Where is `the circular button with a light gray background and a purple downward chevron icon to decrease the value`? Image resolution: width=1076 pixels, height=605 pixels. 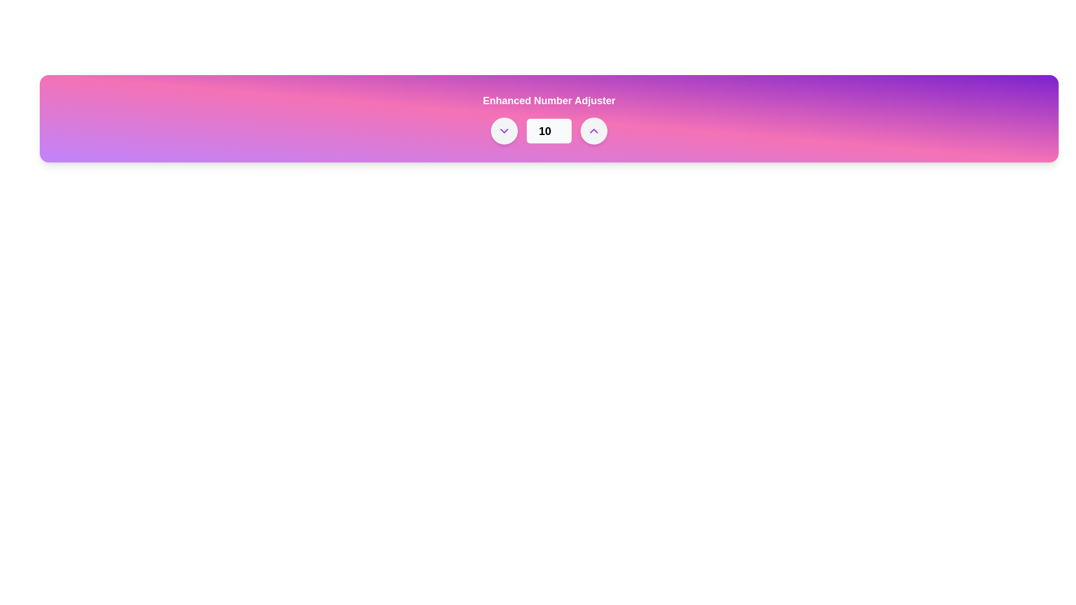 the circular button with a light gray background and a purple downward chevron icon to decrease the value is located at coordinates (504, 131).